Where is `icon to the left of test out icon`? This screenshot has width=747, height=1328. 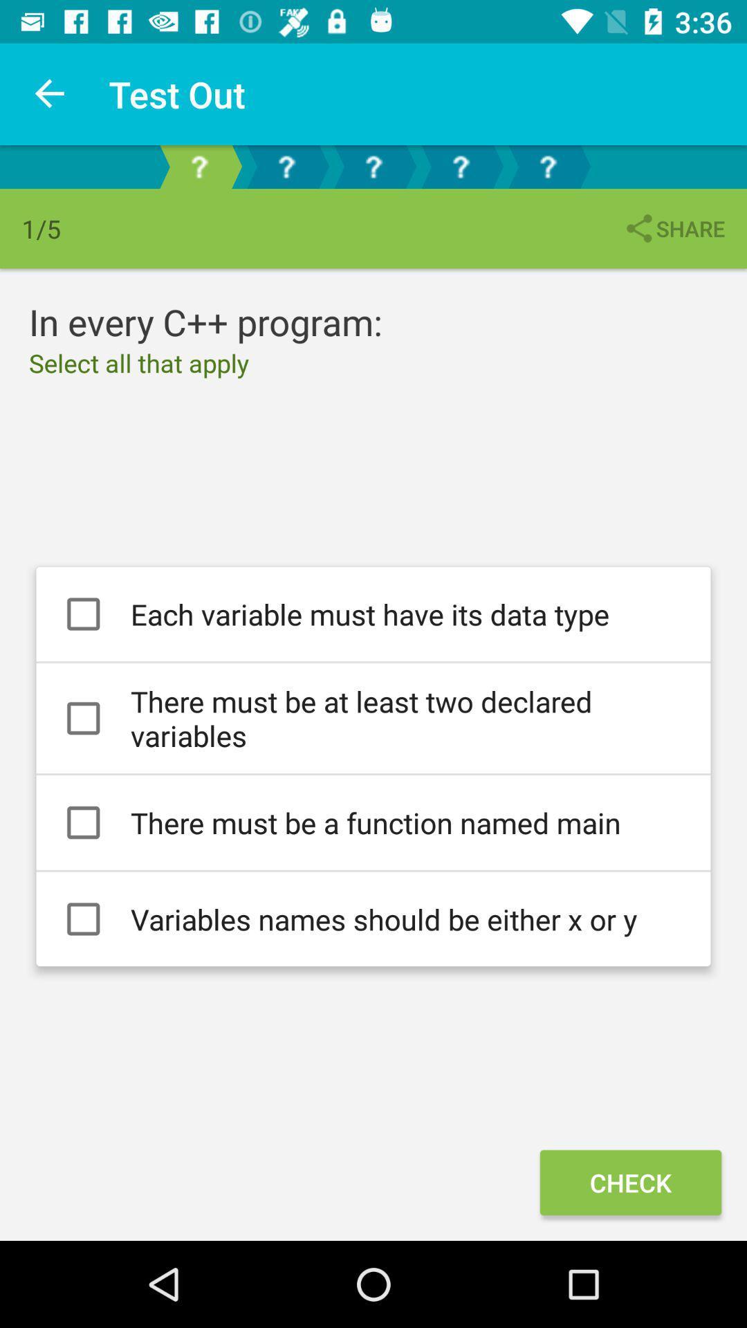 icon to the left of test out icon is located at coordinates (50, 93).